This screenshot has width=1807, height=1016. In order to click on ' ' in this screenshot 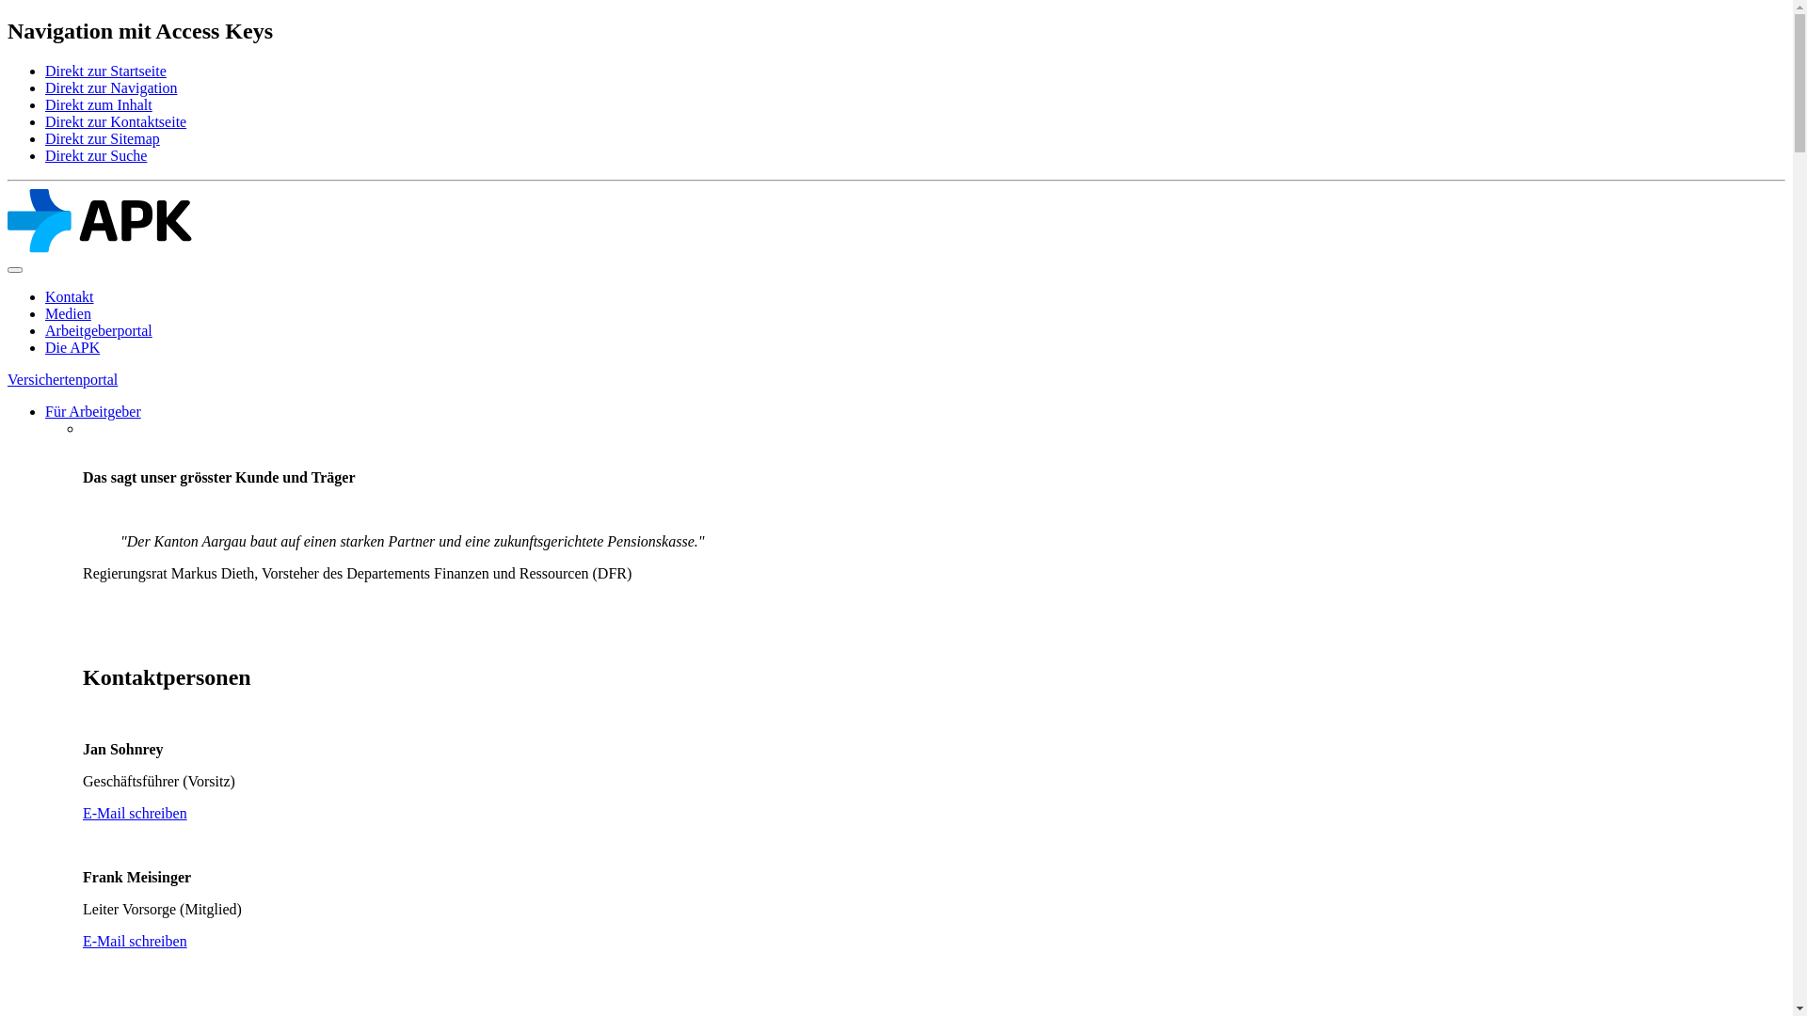, I will do `click(84, 428)`.